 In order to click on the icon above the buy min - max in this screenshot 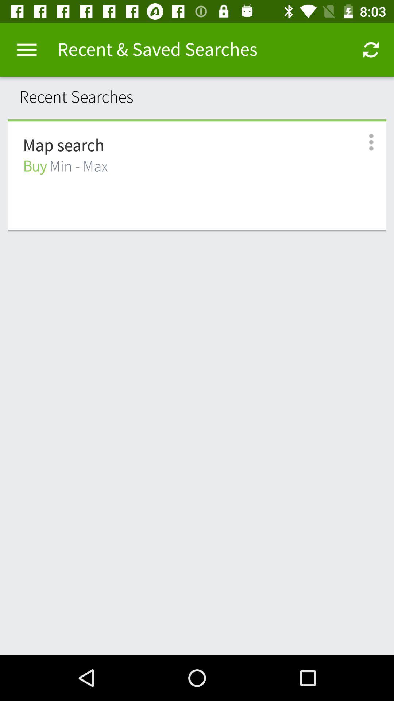, I will do `click(63, 146)`.